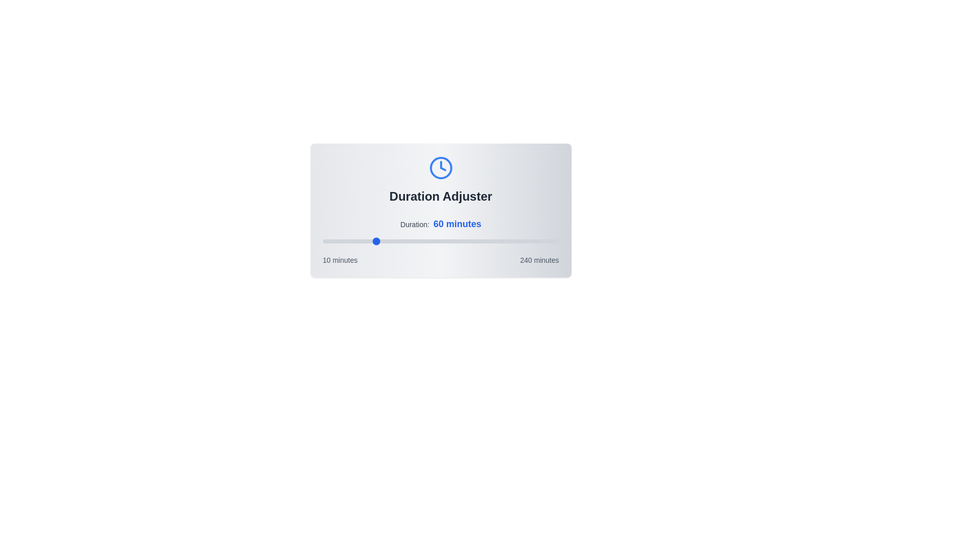 The image size is (978, 550). I want to click on the clock icon to interact with it, so click(441, 168).